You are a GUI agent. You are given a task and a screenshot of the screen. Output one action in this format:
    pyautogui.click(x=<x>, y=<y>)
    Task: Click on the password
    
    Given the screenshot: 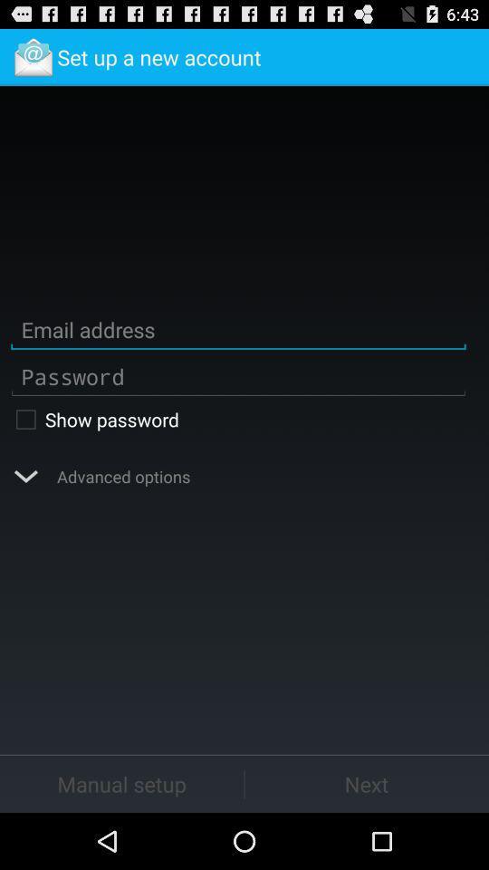 What is the action you would take?
    pyautogui.click(x=238, y=375)
    